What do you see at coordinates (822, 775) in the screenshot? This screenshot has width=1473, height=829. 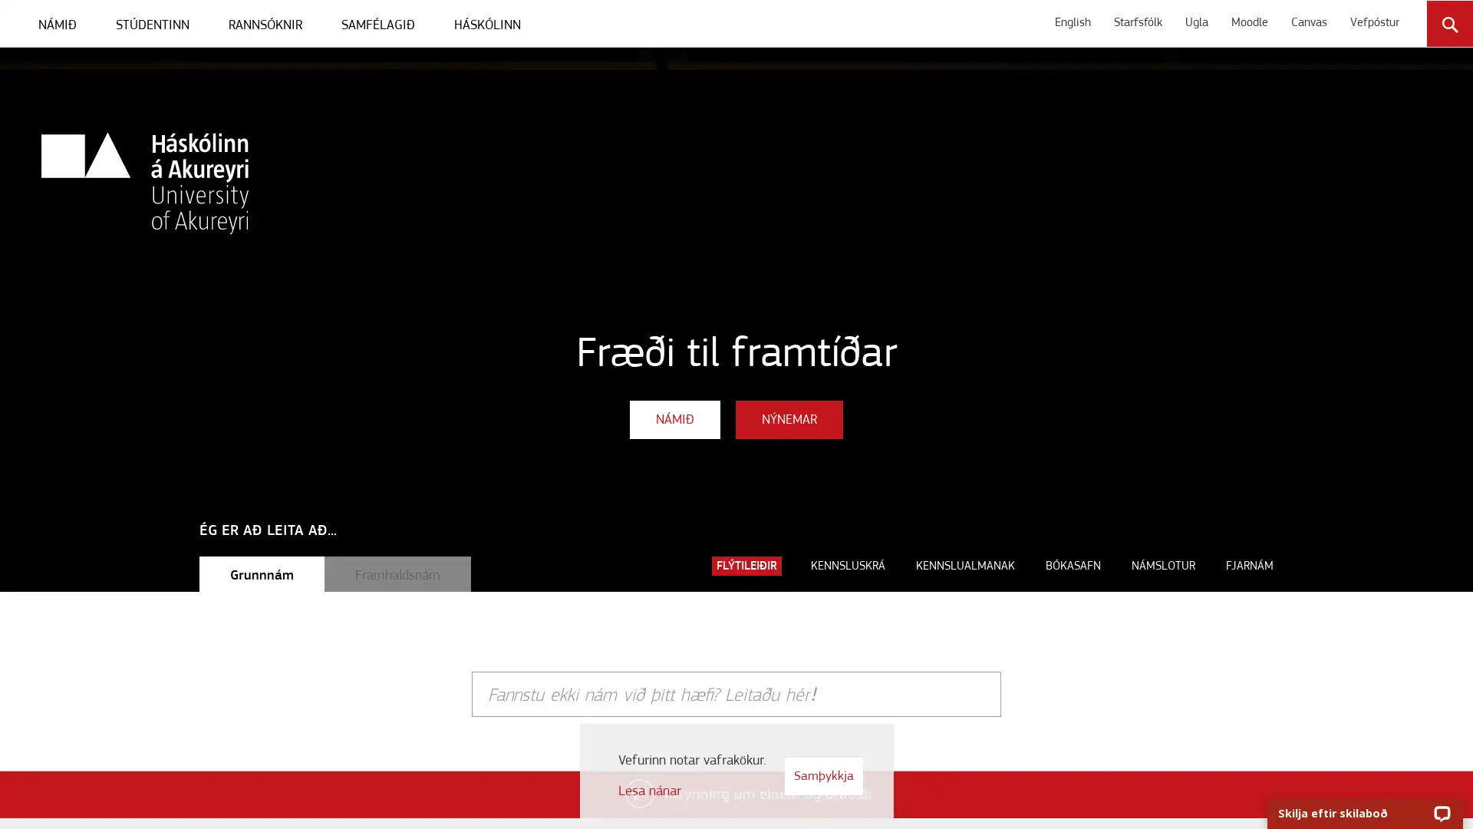 I see `Samykkja vafrakokur` at bounding box center [822, 775].